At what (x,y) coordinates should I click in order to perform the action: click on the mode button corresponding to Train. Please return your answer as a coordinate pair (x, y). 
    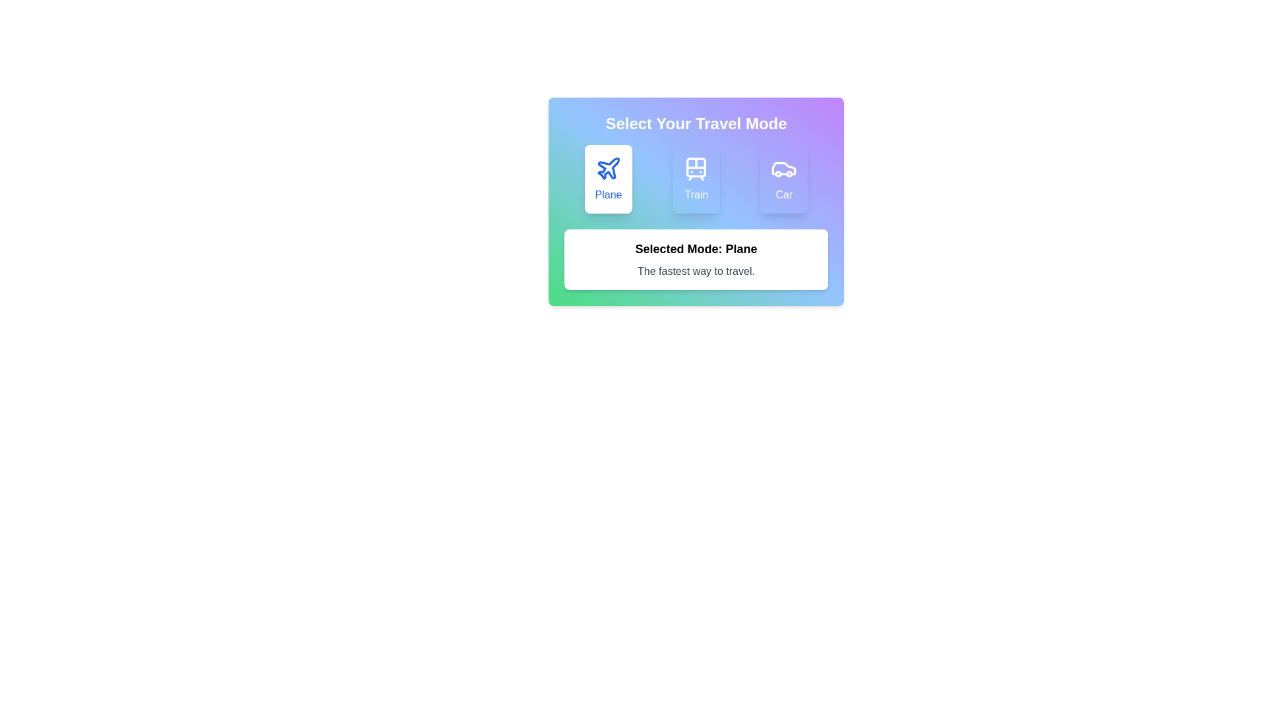
    Looking at the image, I should click on (696, 179).